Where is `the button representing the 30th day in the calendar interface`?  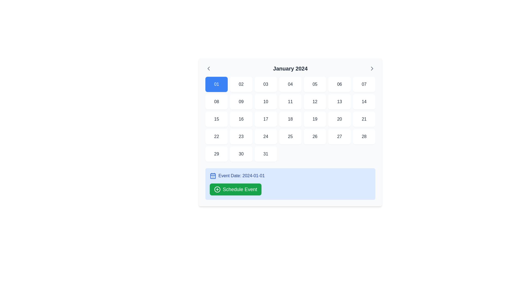
the button representing the 30th day in the calendar interface is located at coordinates (241, 154).